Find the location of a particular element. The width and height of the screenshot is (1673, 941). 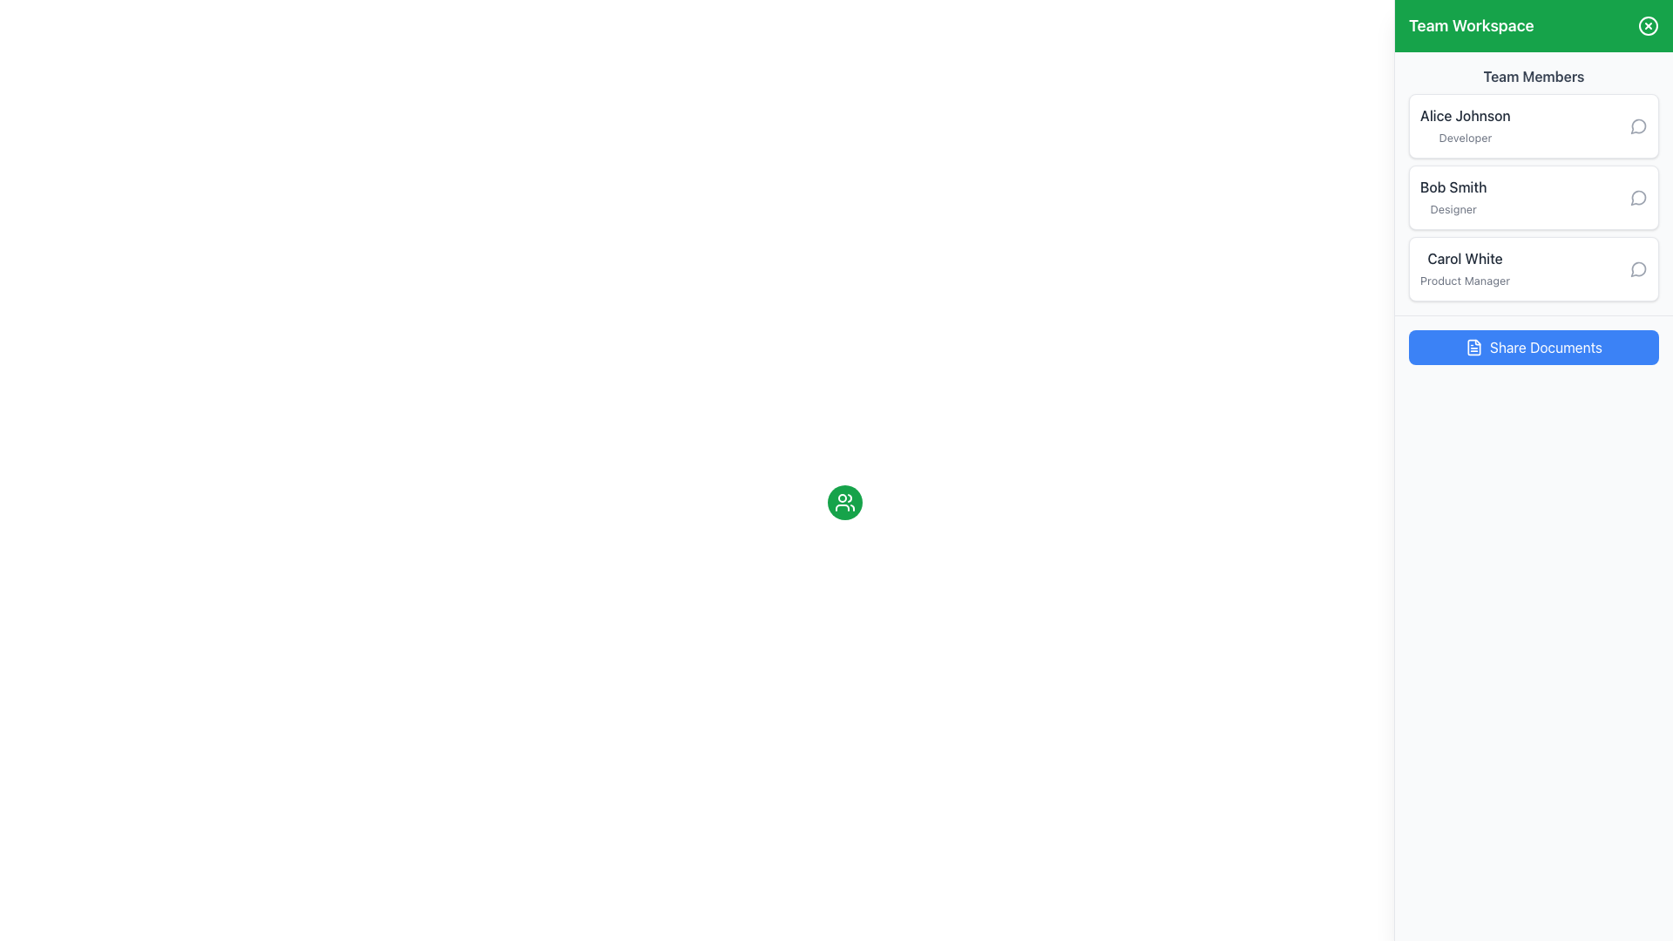

the text label that provides information about 'Alice Johnson' located under the 'Team Members' section is located at coordinates (1464, 137).